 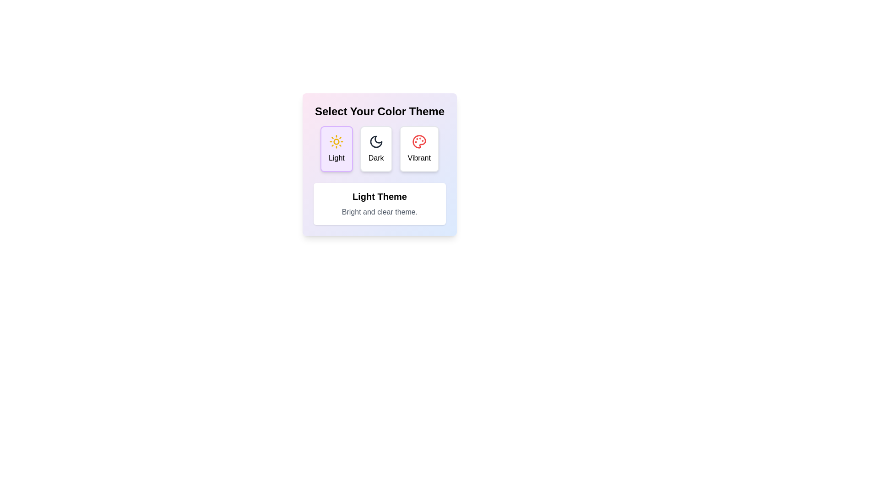 What do you see at coordinates (380, 149) in the screenshot?
I see `the 'Dark' theme button located centrally below the heading 'Select Your Color Theme' and above the description titled 'Light Theme'` at bounding box center [380, 149].